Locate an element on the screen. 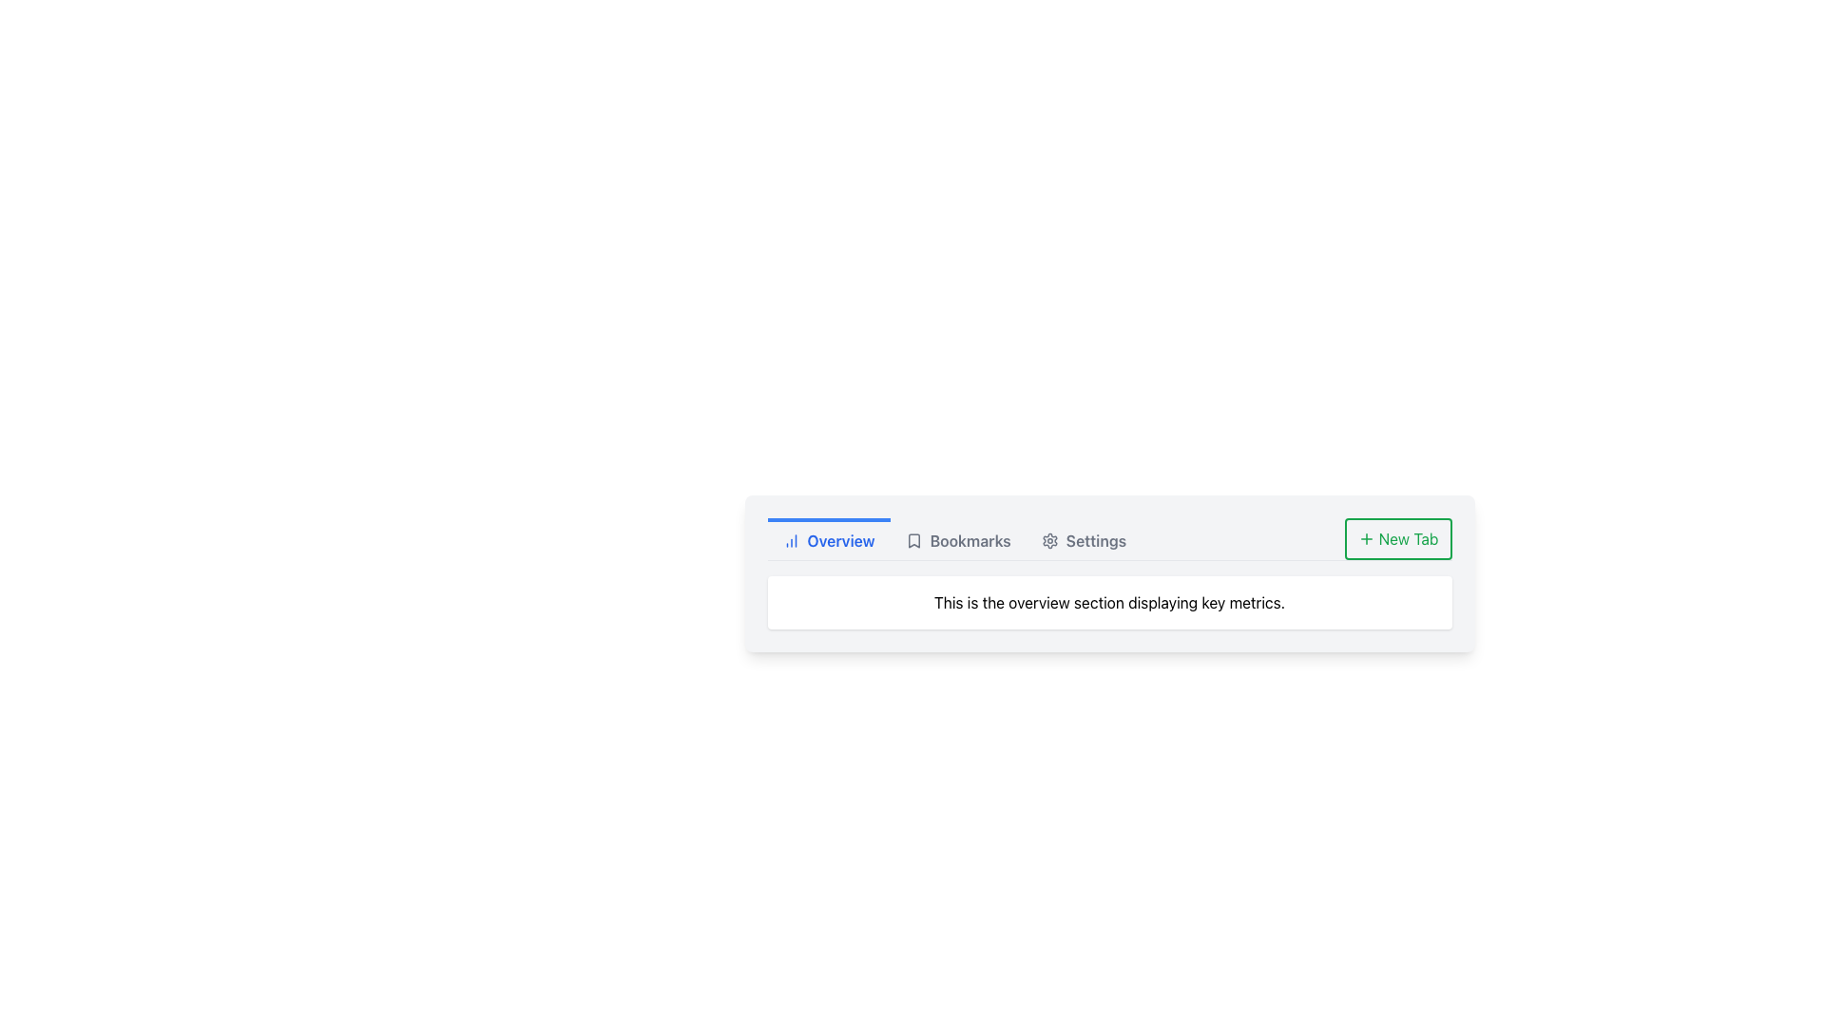 The image size is (1825, 1027). the 'Overview' tab which is the first tab in the top navigation bar, featuring a blue underline and a bar chart icon is located at coordinates (829, 539).